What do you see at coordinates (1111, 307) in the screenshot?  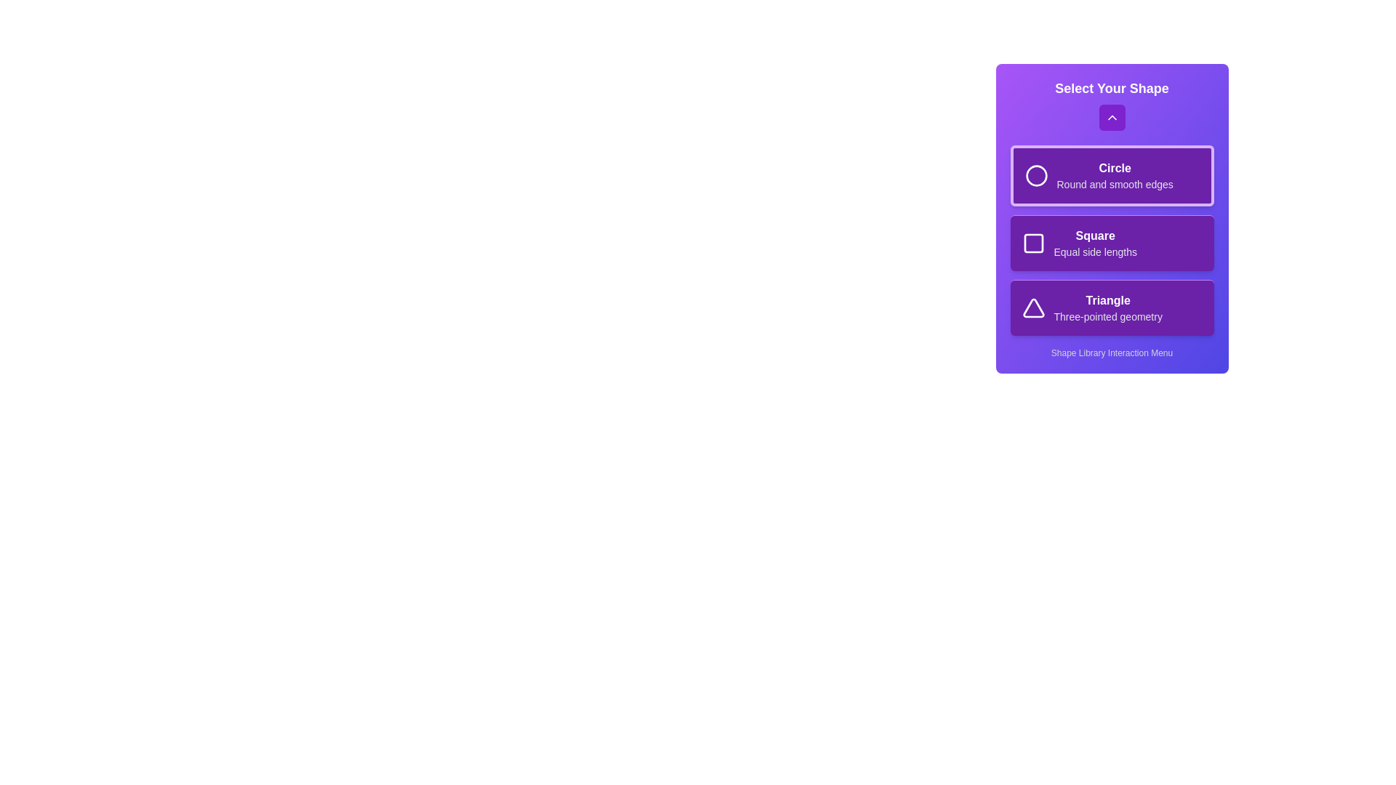 I see `the shape Triangle by clicking on its corresponding button` at bounding box center [1111, 307].